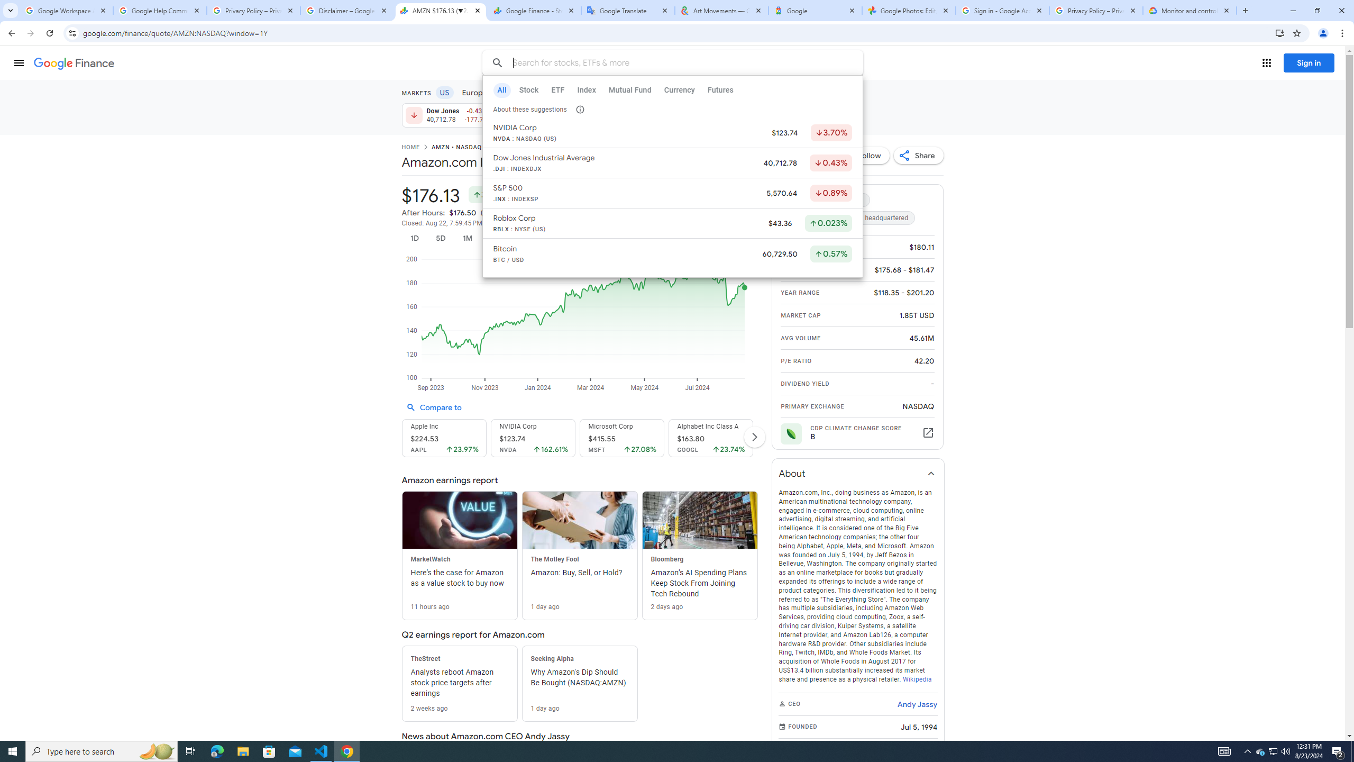 The image size is (1354, 762). I want to click on 'ETF', so click(557, 89).